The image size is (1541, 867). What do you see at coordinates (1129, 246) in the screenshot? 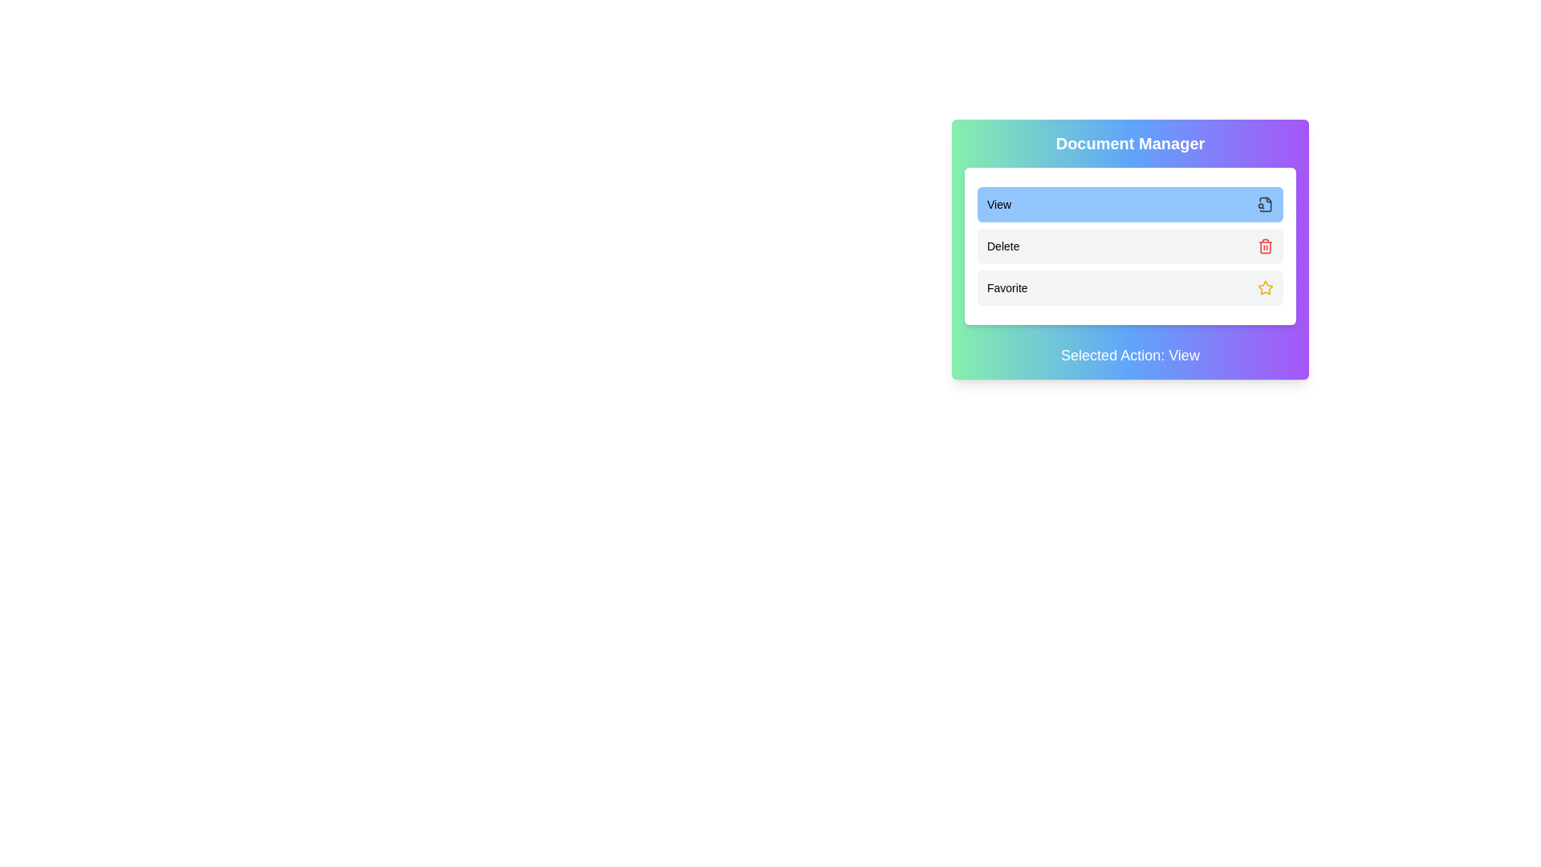
I see `the Delete button to observe its hover effect` at bounding box center [1129, 246].